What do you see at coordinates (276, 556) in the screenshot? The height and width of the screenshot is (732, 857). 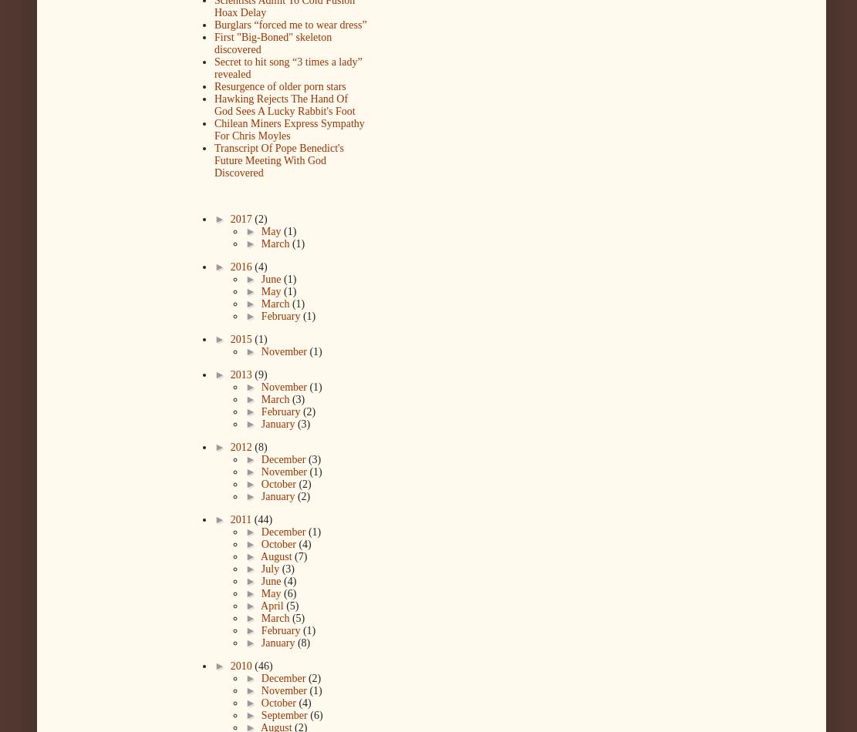 I see `'August'` at bounding box center [276, 556].